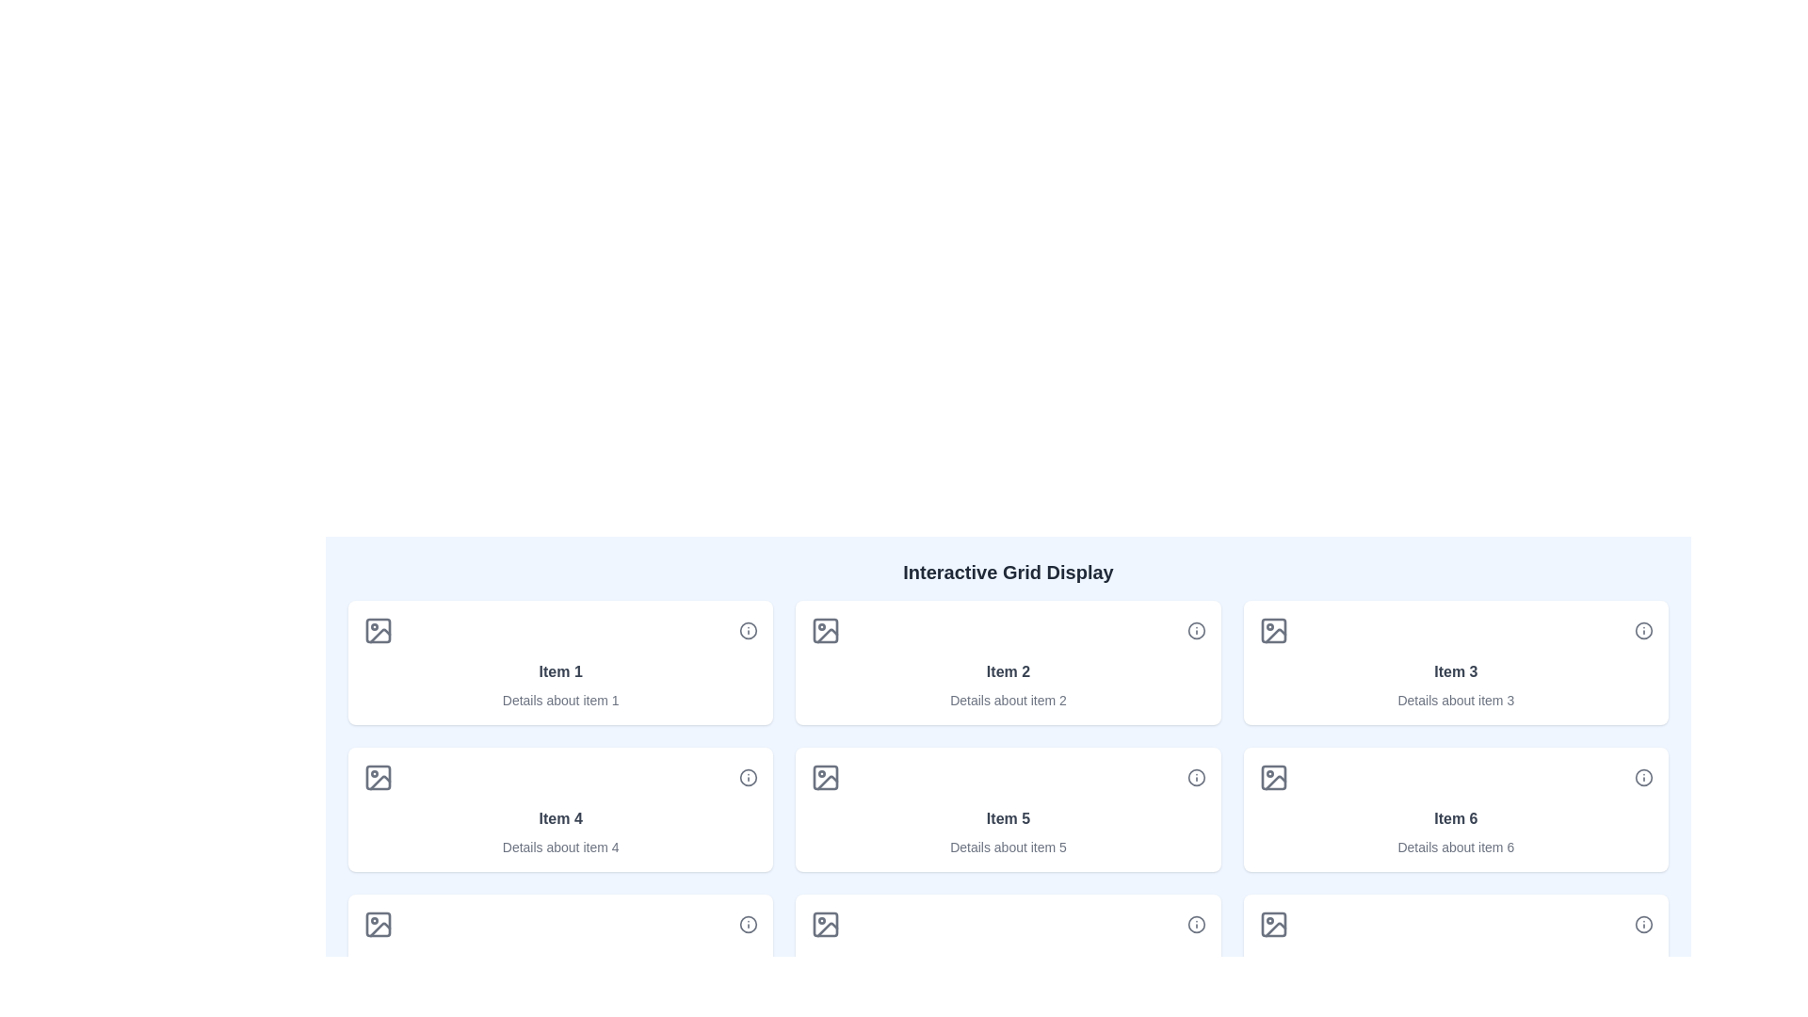 This screenshot has height=1017, width=1808. I want to click on the fifth card in the grid layout, so click(1007, 809).